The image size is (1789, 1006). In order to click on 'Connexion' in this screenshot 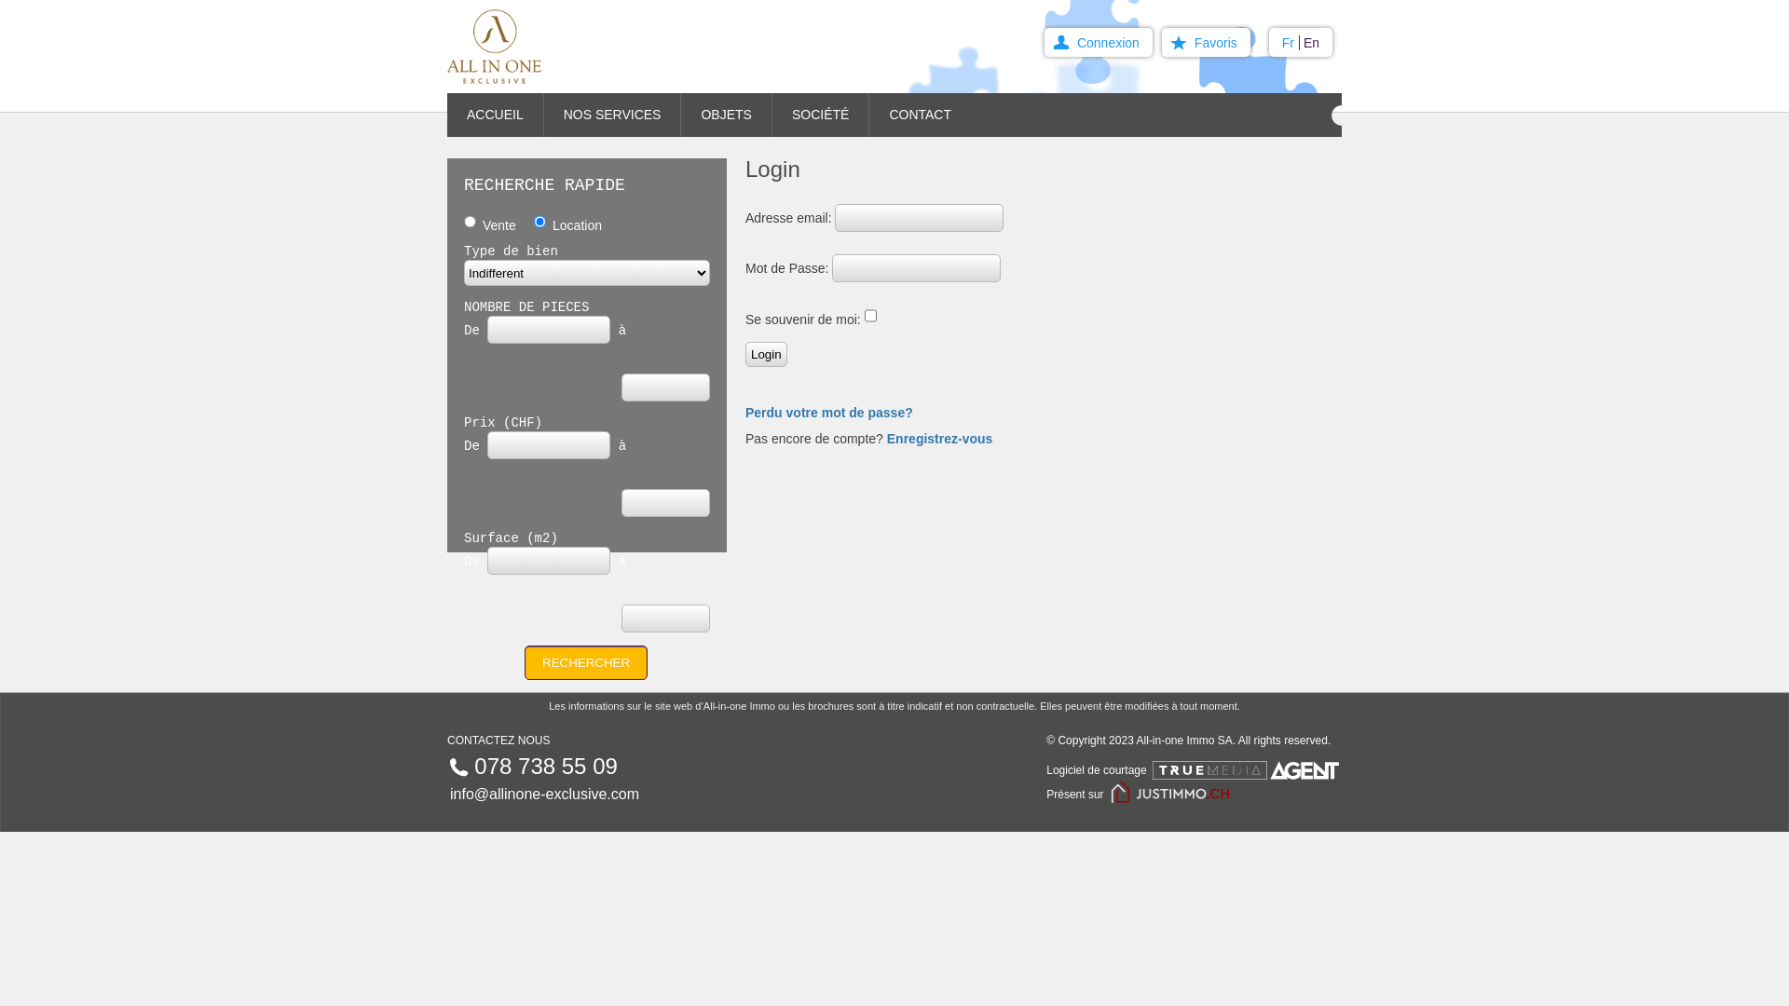, I will do `click(1099, 42)`.